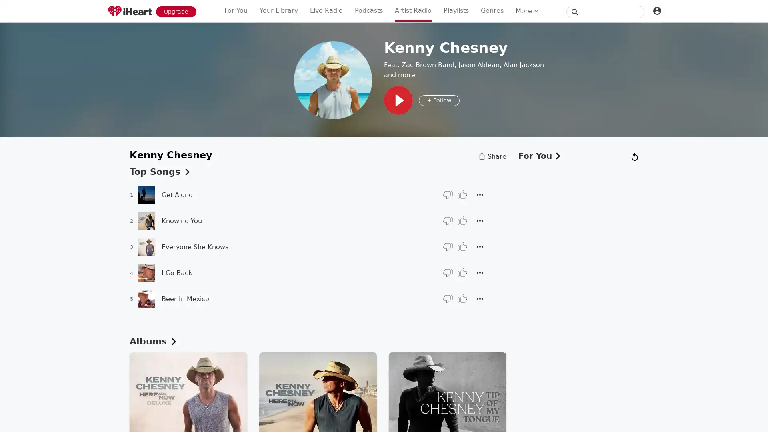 The width and height of the screenshot is (768, 432). I want to click on Thumb Up, so click(716, 416).